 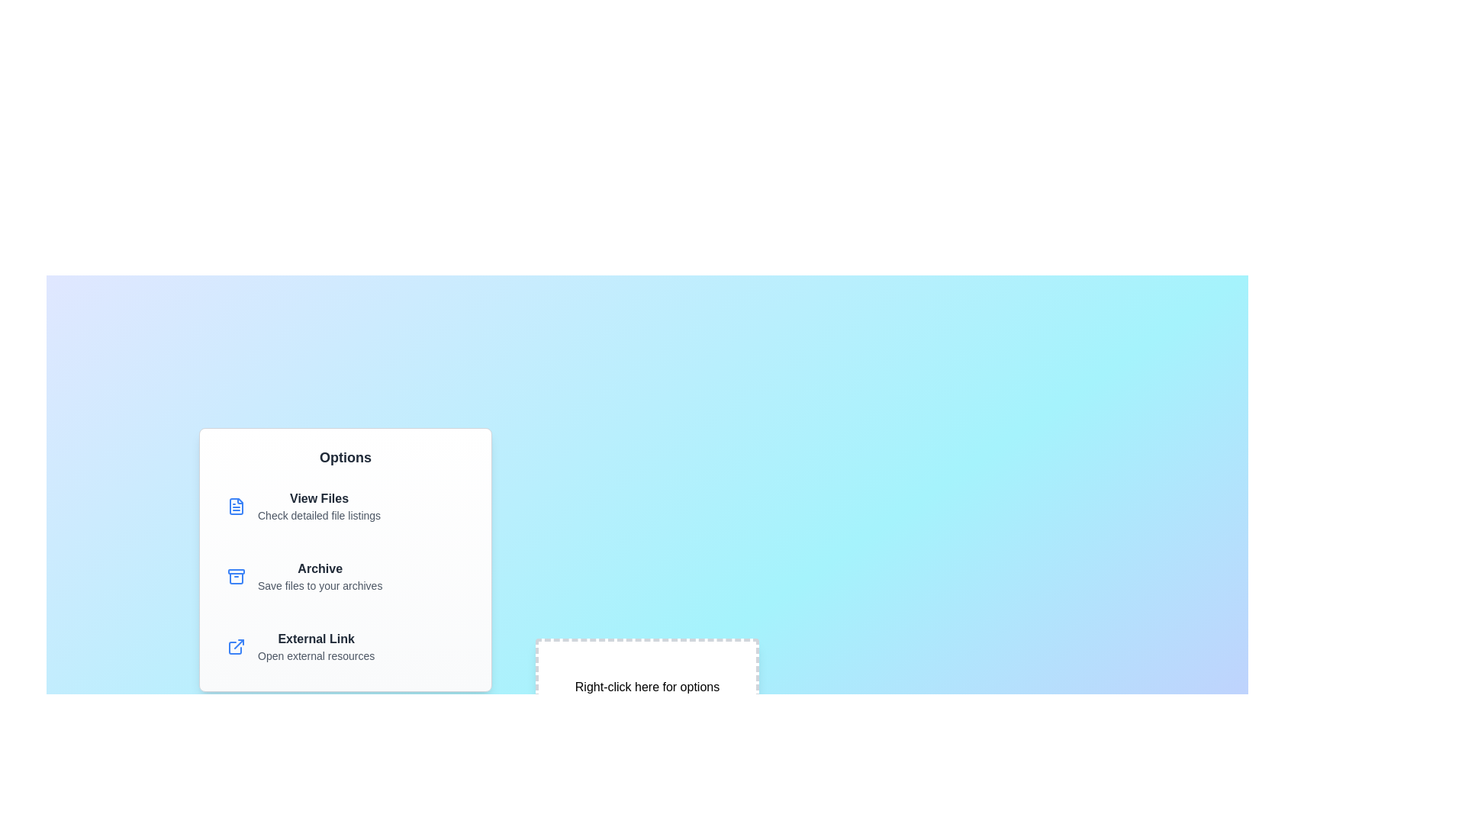 I want to click on the area labeled 'Right-click here for options' to close the context menu, so click(x=647, y=687).